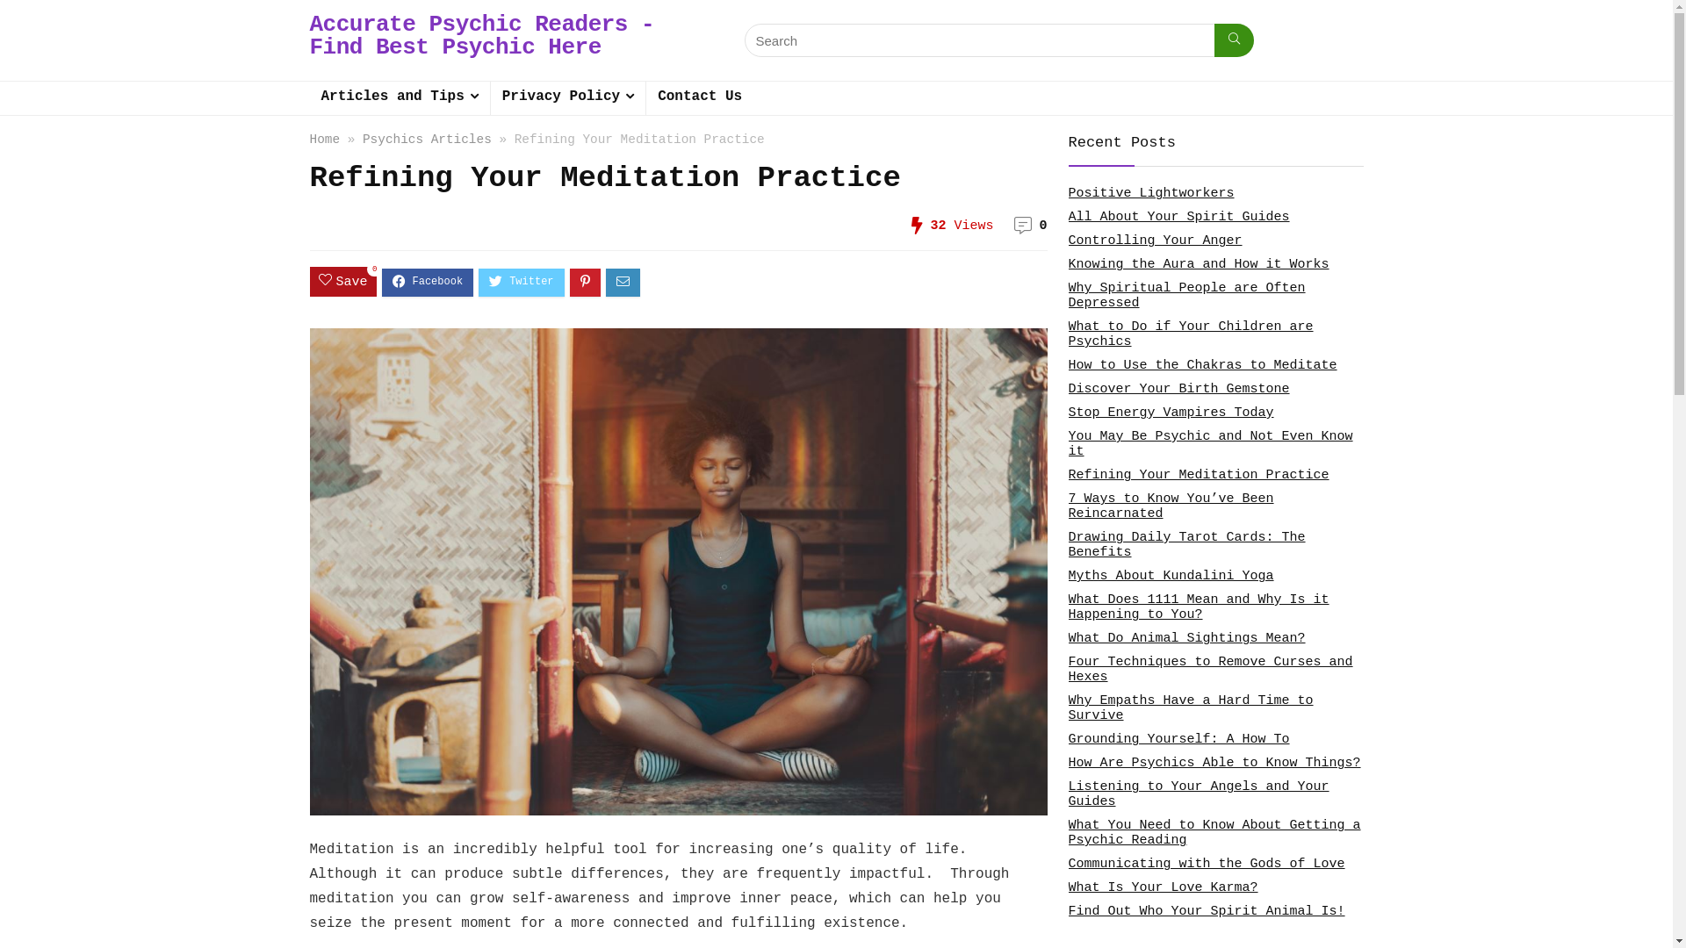  What do you see at coordinates (1197, 264) in the screenshot?
I see `'Knowing the Aura and How it Works'` at bounding box center [1197, 264].